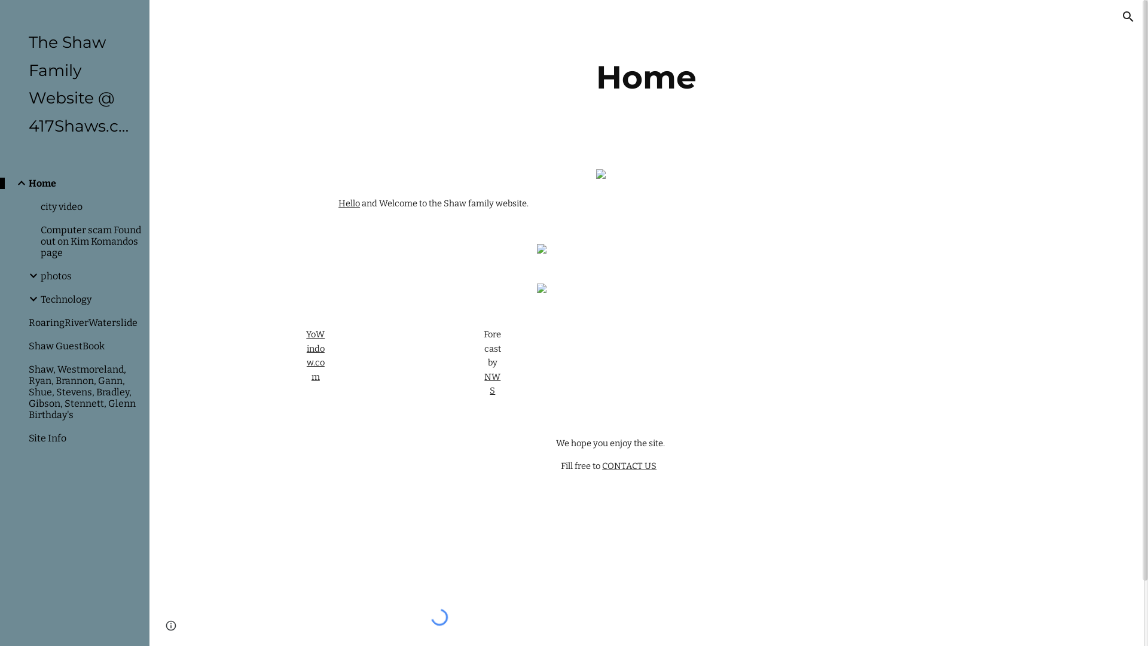 This screenshot has height=646, width=1148. What do you see at coordinates (89, 298) in the screenshot?
I see `'Technology'` at bounding box center [89, 298].